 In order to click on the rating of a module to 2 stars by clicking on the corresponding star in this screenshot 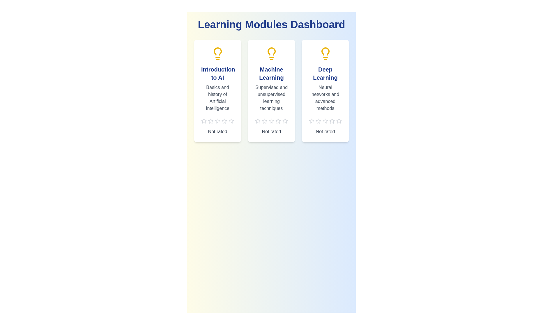, I will do `click(210, 121)`.